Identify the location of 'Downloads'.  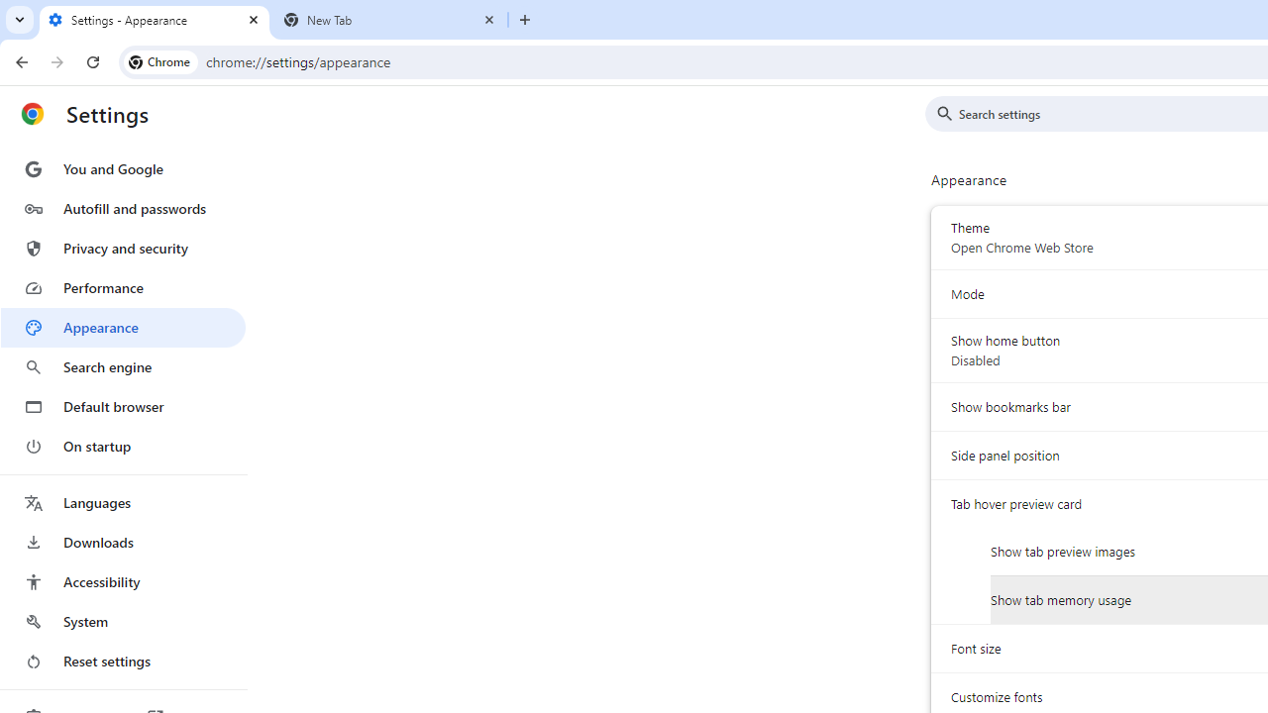
(122, 542).